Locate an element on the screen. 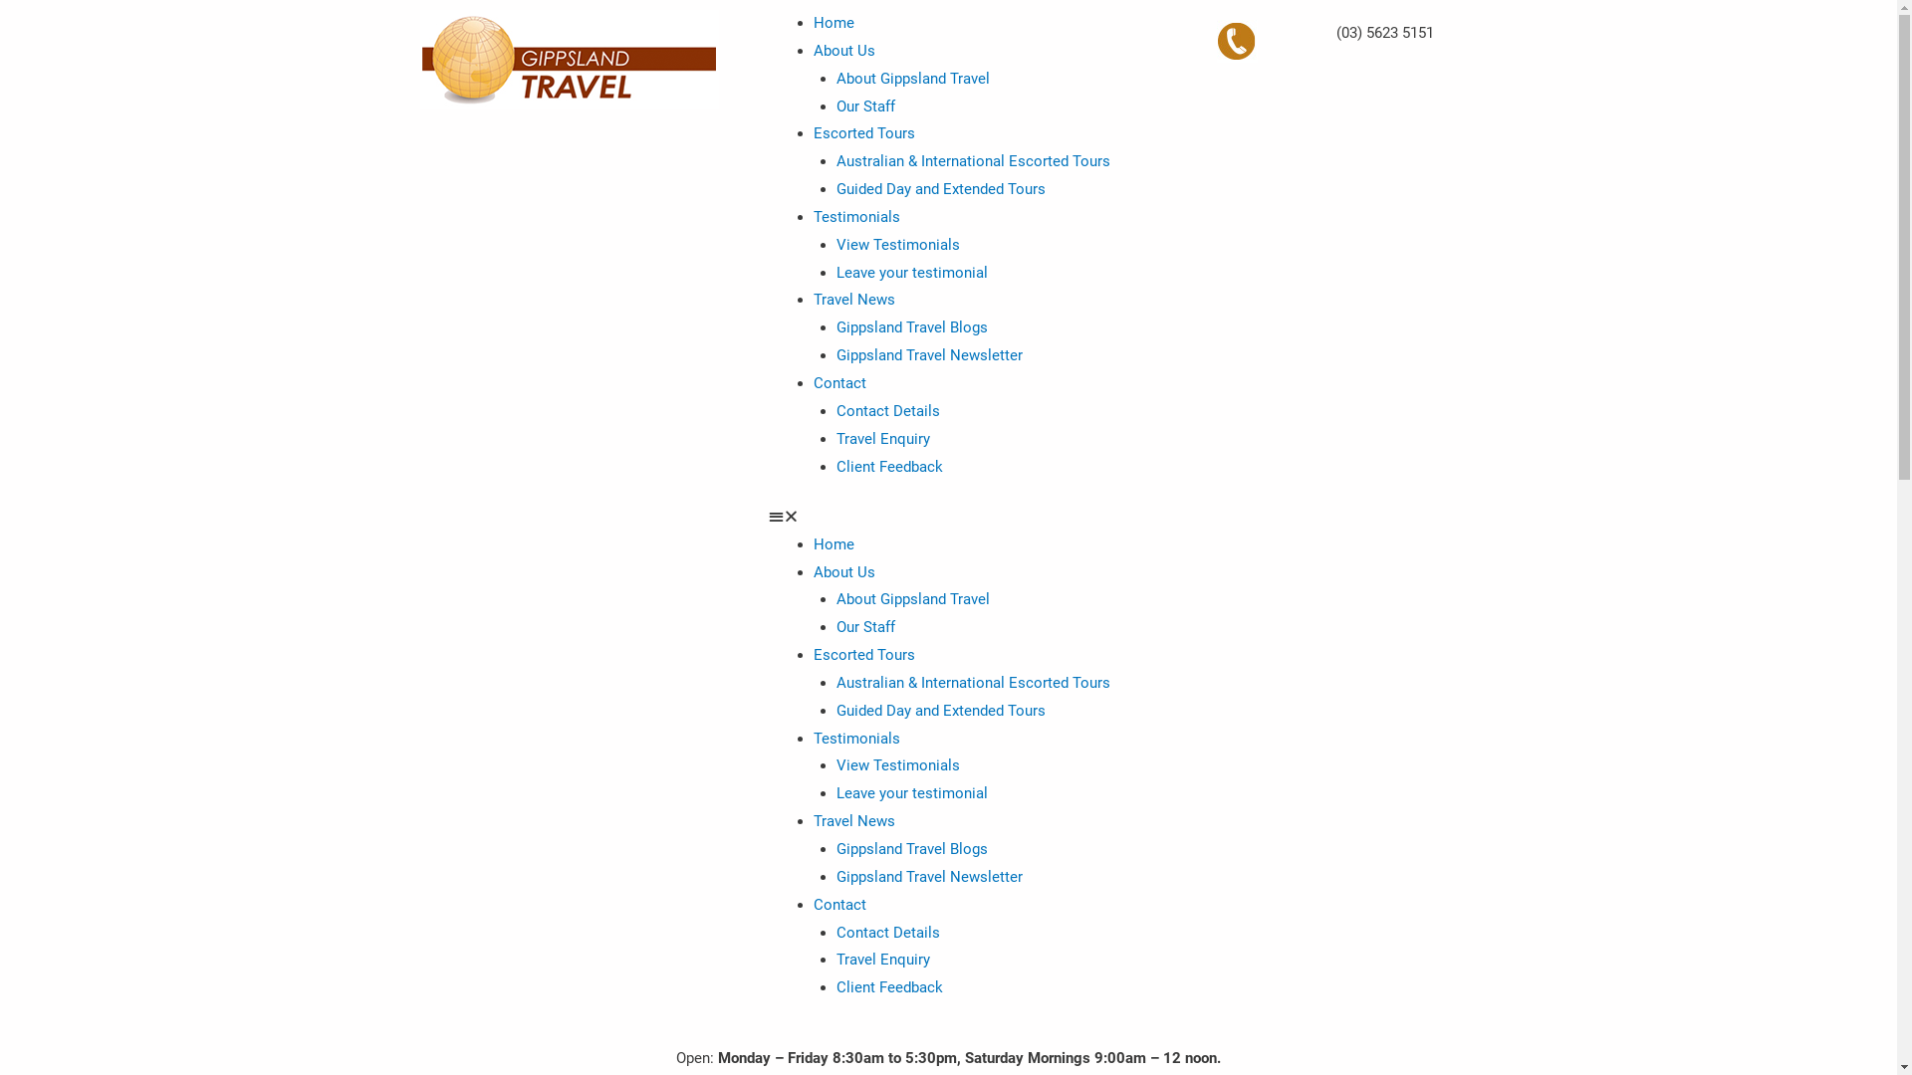 The width and height of the screenshot is (1912, 1075). 'View Testimonials' is located at coordinates (897, 763).